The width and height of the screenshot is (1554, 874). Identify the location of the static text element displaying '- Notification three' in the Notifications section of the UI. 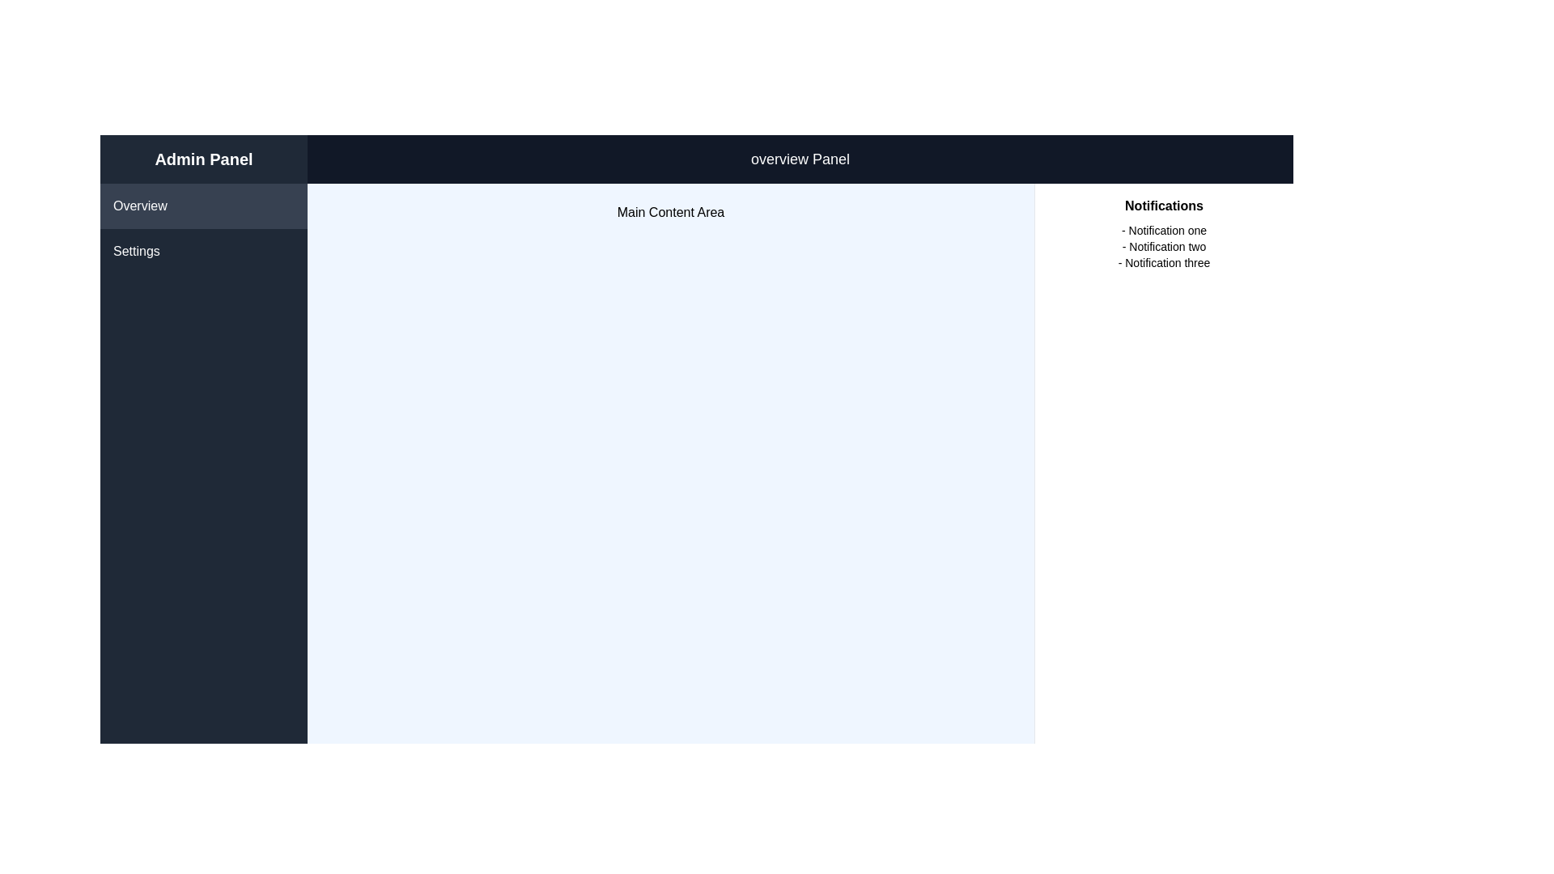
(1163, 261).